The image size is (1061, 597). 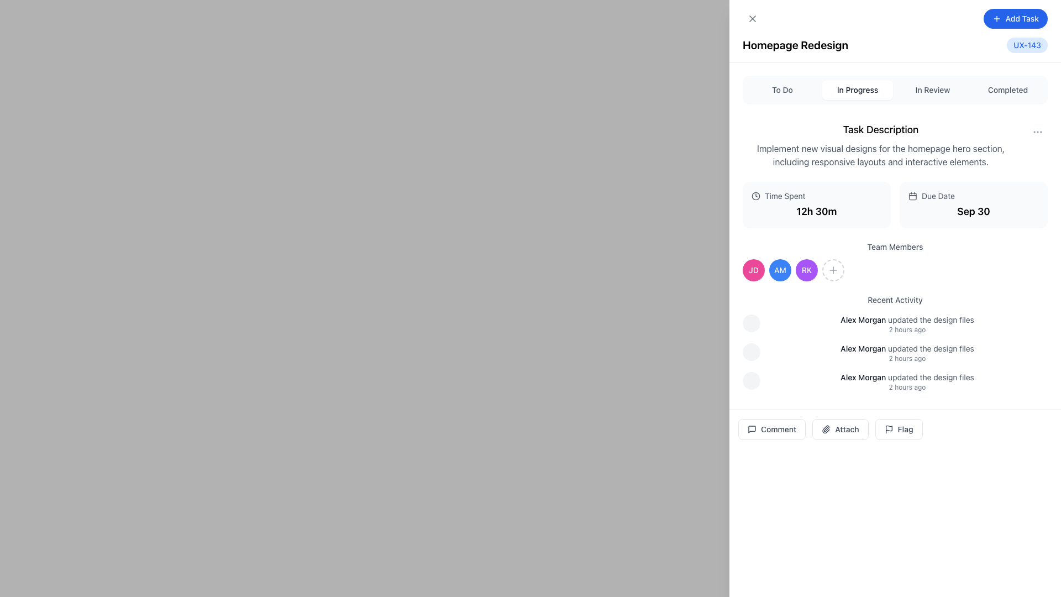 I want to click on the 'Add Task' button located in the top-right section of the interface, so click(x=1015, y=19).